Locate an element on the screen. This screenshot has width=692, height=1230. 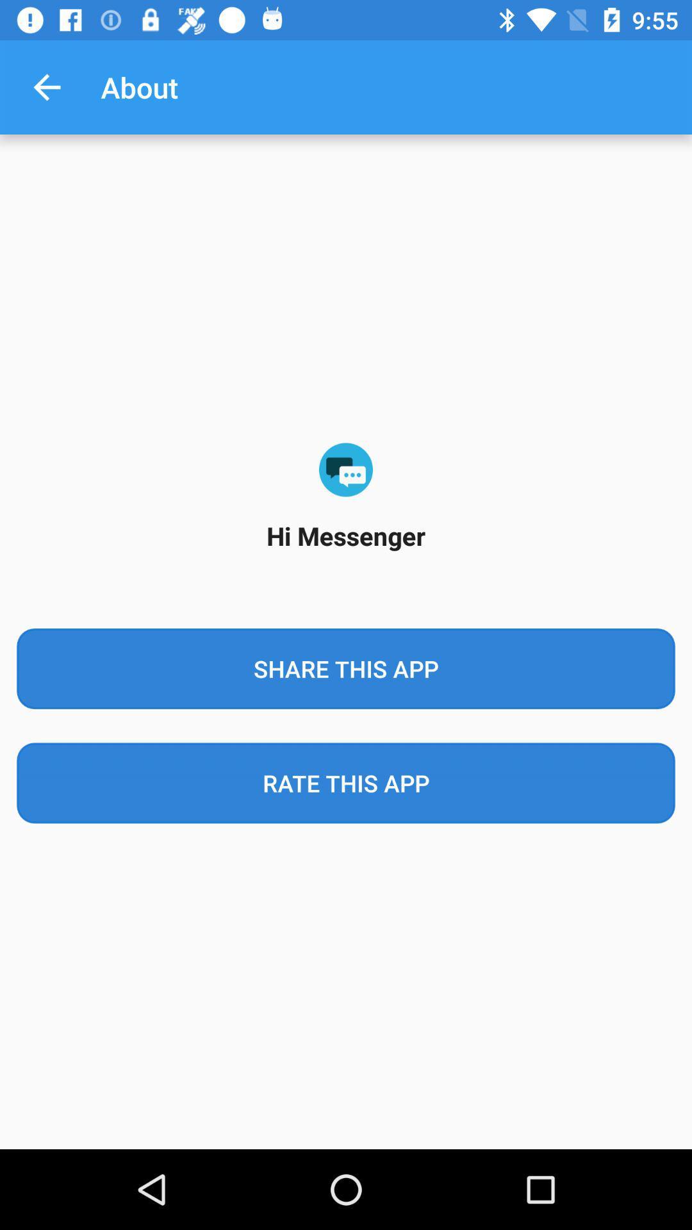
the app next to about item is located at coordinates (46, 86).